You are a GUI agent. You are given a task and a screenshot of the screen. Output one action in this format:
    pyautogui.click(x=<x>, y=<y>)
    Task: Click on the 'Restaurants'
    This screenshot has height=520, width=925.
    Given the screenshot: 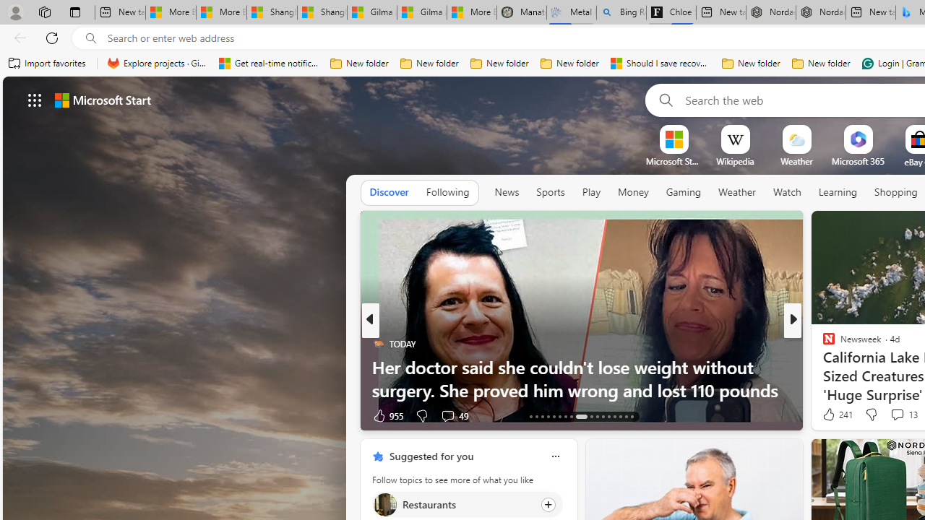 What is the action you would take?
    pyautogui.click(x=384, y=503)
    